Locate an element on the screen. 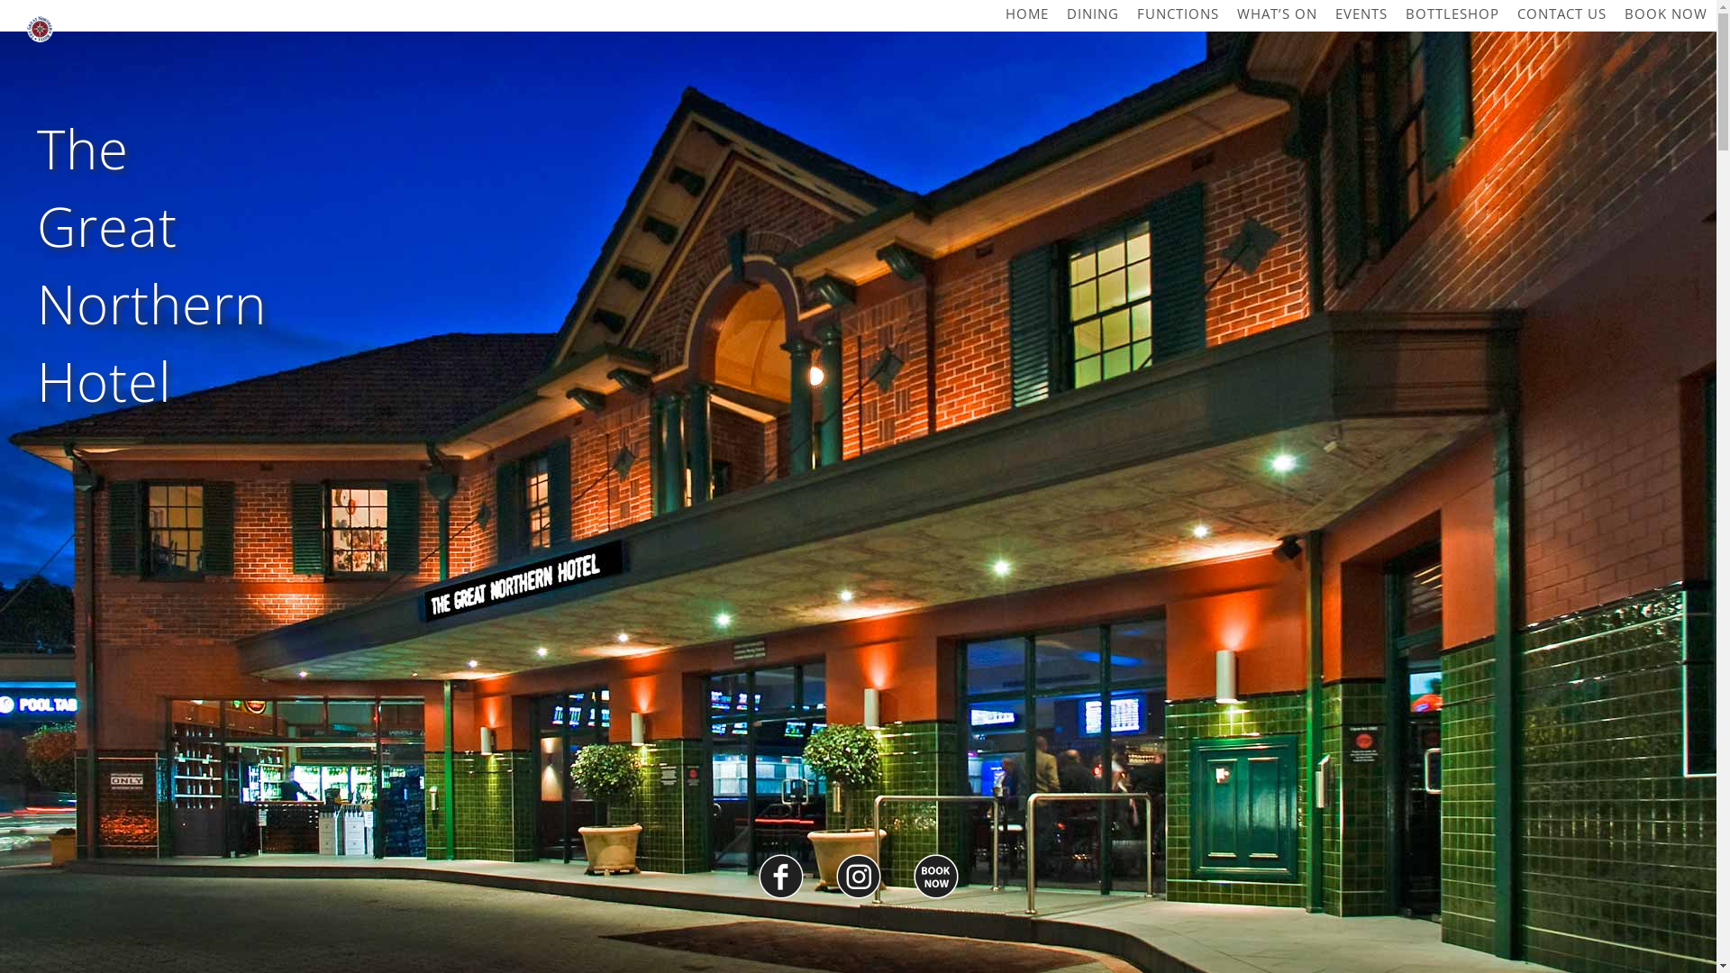 The width and height of the screenshot is (1730, 973). 'EVENTS' is located at coordinates (1361, 14).